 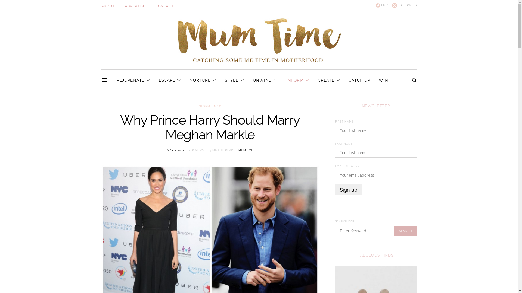 I want to click on 'CATCH UP', so click(x=359, y=80).